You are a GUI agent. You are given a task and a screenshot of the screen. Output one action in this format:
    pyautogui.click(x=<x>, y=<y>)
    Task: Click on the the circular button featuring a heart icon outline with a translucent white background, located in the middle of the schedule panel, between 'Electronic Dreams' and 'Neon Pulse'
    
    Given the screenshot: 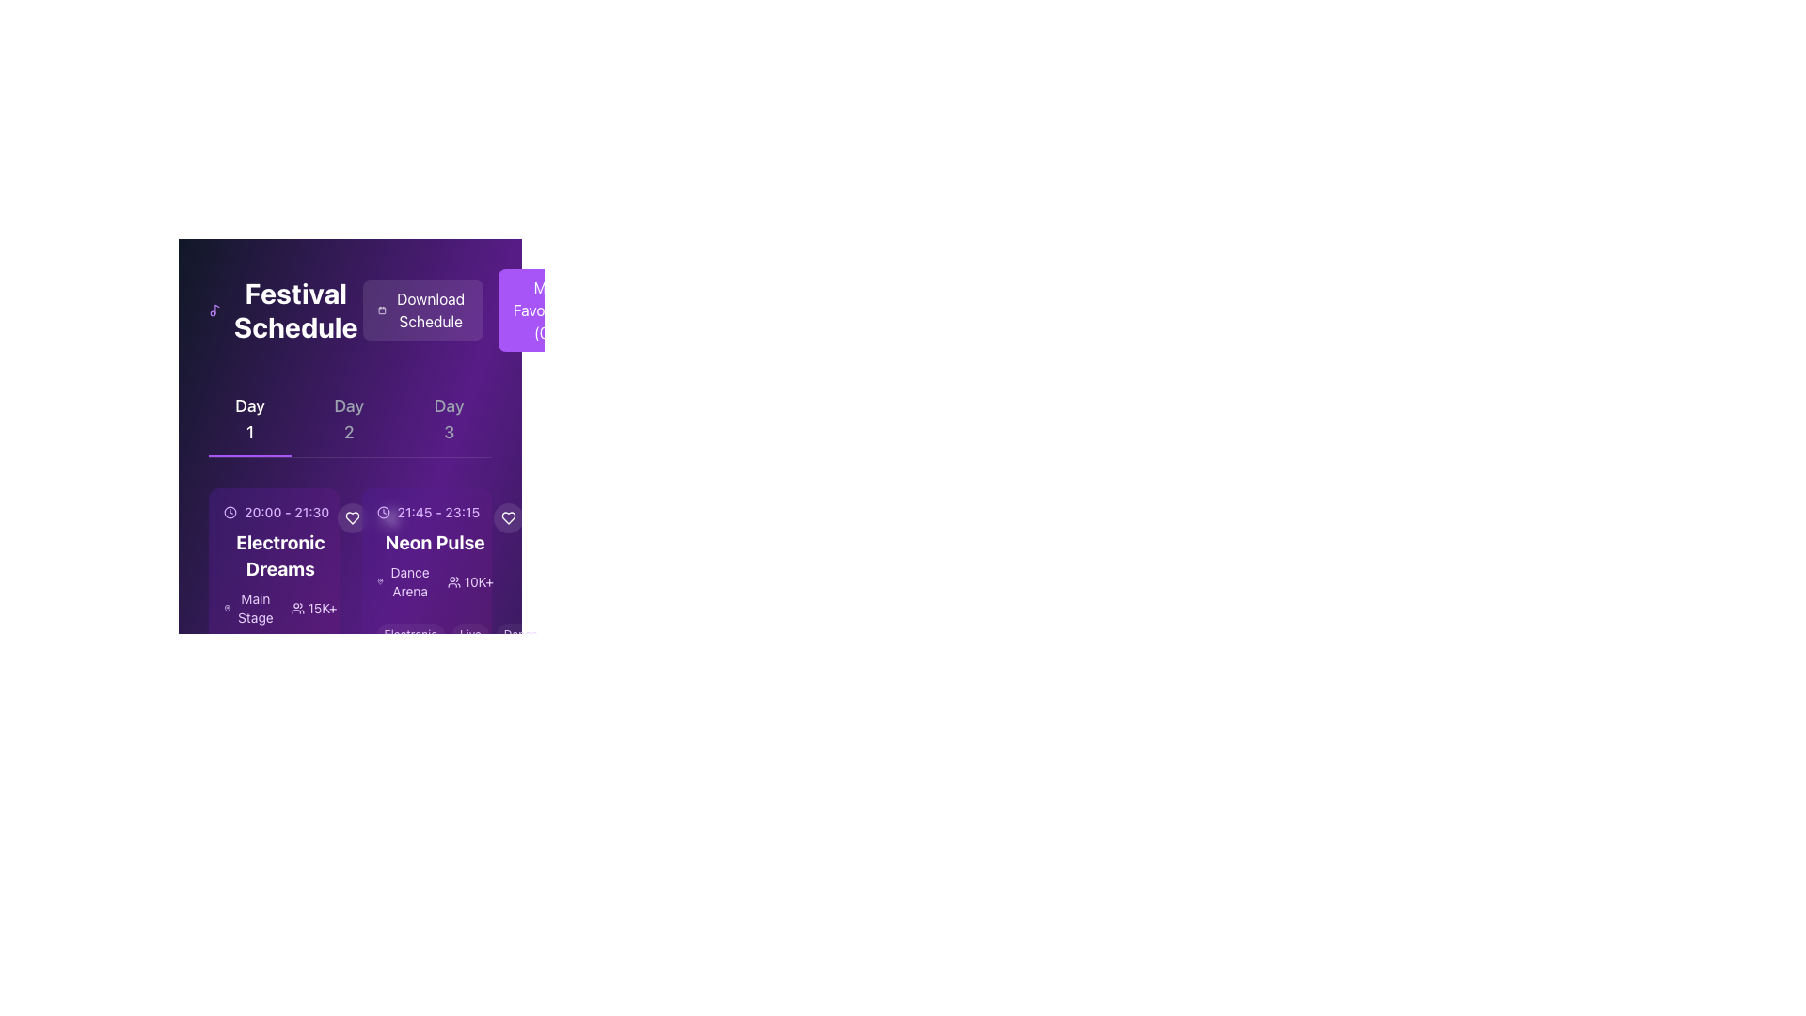 What is the action you would take?
    pyautogui.click(x=352, y=518)
    